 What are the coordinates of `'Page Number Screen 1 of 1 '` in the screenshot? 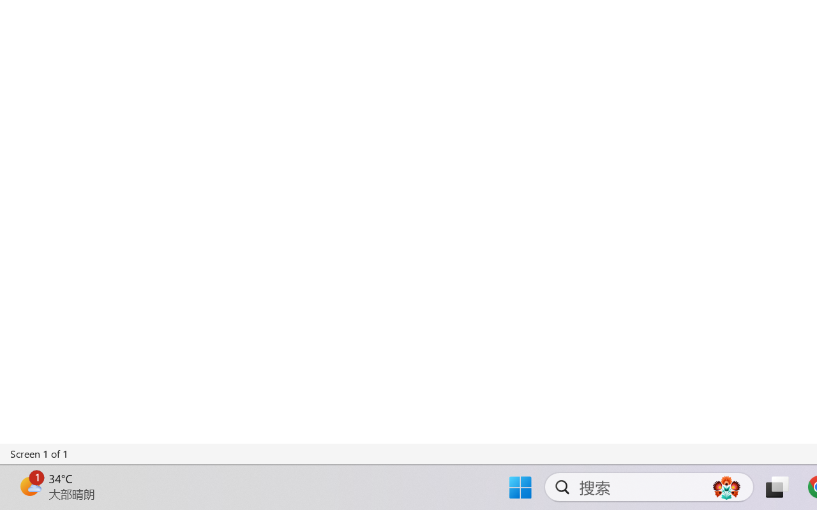 It's located at (40, 453).